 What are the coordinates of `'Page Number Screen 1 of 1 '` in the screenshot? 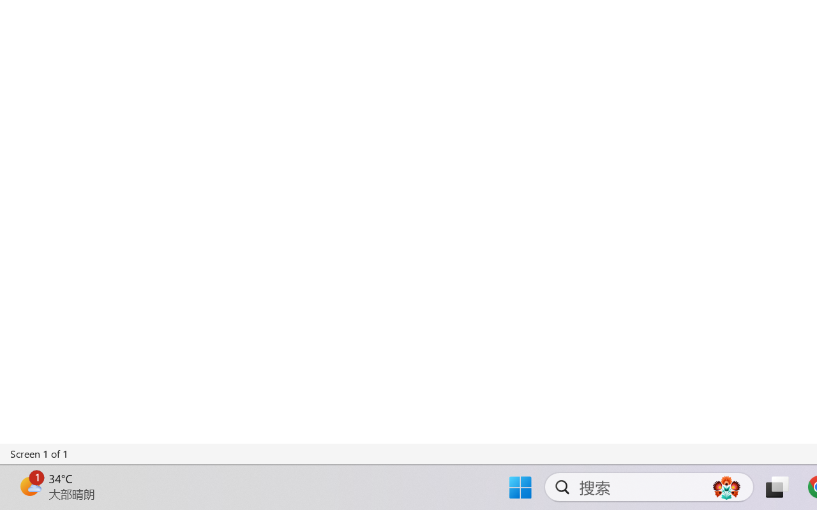 It's located at (40, 453).